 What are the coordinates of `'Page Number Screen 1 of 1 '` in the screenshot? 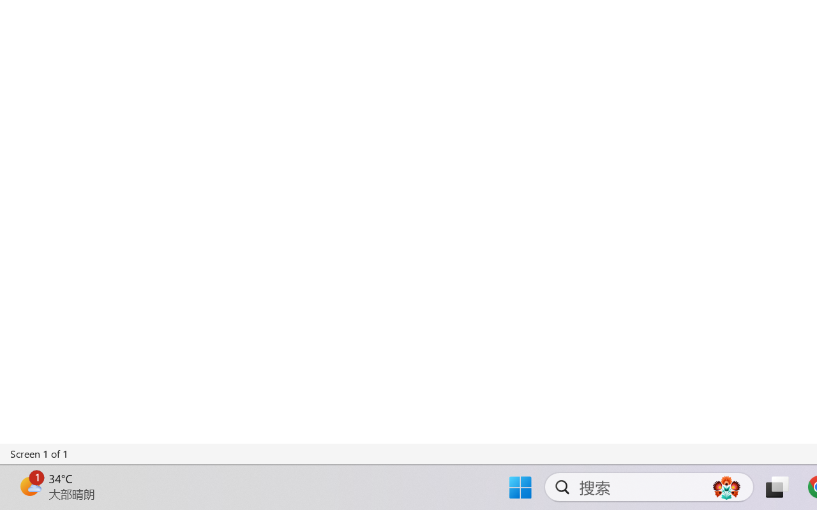 It's located at (40, 453).